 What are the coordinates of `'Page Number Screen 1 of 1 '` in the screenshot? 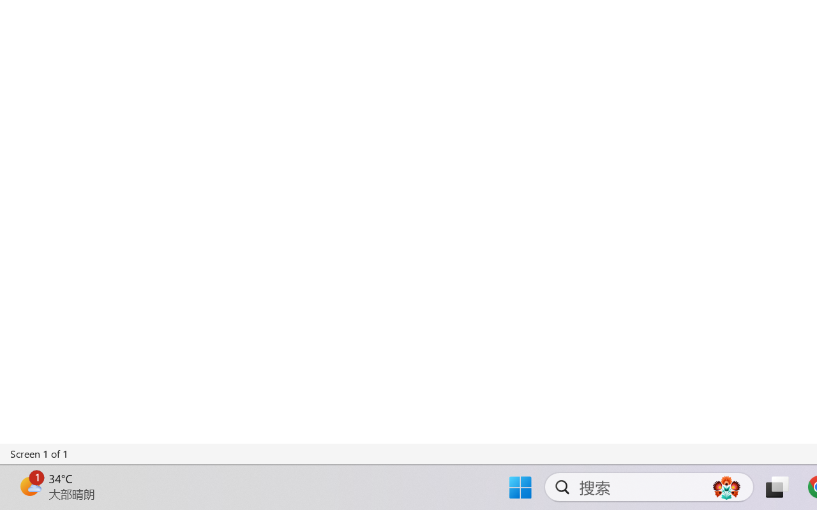 It's located at (40, 453).